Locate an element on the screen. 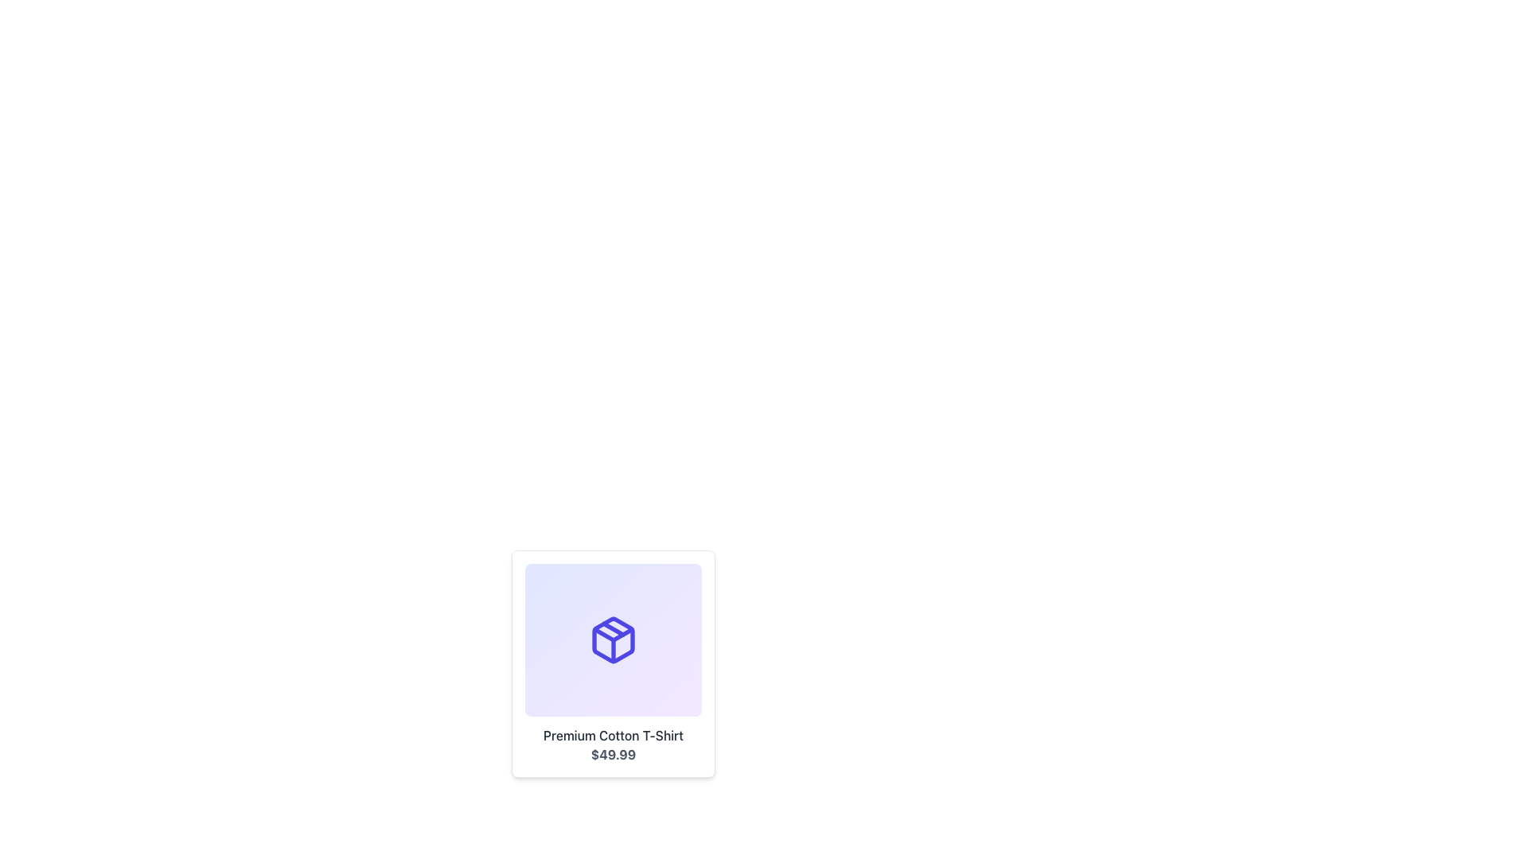 Image resolution: width=1528 pixels, height=859 pixels. the package icon with sharp edges and gradient indigo shades, which is centered within a rounded rectangular card, to interact or navigate is located at coordinates (613, 639).